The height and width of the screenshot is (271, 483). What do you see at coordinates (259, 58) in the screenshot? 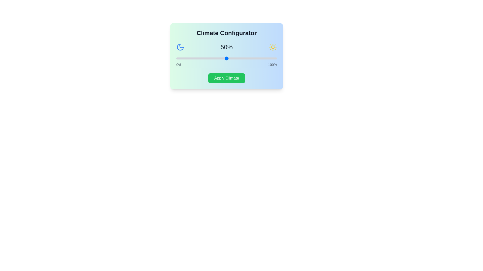
I see `the slider to set the climate percentage to 82` at bounding box center [259, 58].